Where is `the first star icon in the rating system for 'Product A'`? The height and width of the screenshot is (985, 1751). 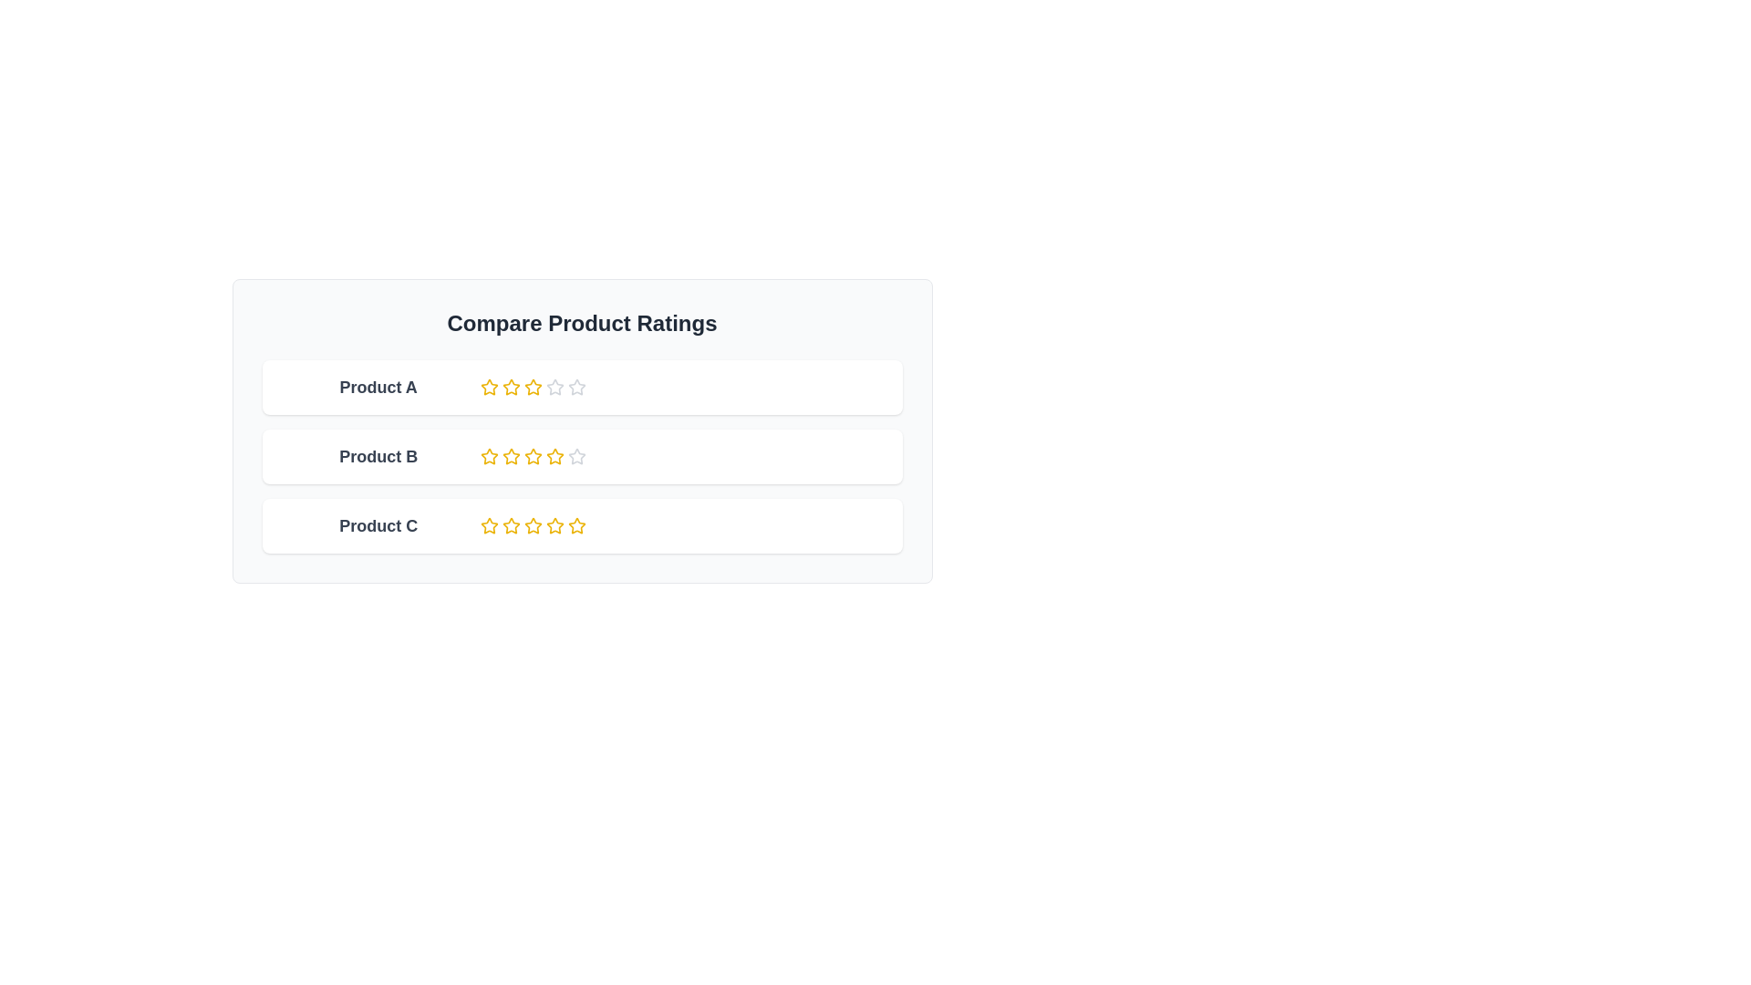
the first star icon in the rating system for 'Product A' is located at coordinates (489, 386).